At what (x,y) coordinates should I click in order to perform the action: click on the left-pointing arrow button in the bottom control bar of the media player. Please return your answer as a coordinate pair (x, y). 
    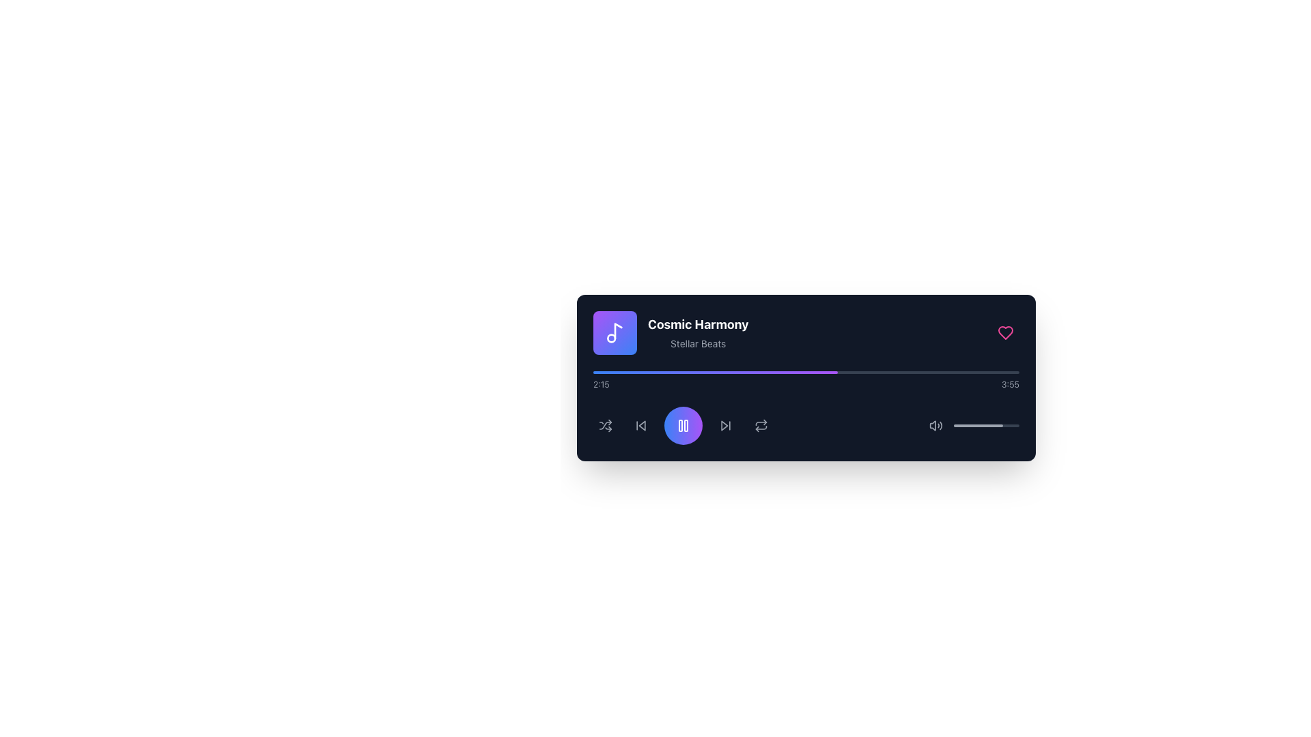
    Looking at the image, I should click on (640, 425).